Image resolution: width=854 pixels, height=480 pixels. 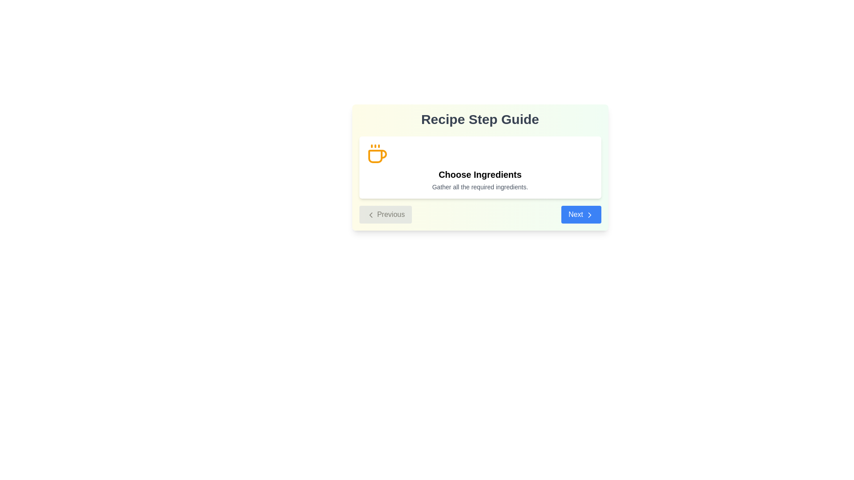 What do you see at coordinates (479, 168) in the screenshot?
I see `the Informational Card that indicates the current action to gather necessary ingredients in the Recipe Step Guide` at bounding box center [479, 168].